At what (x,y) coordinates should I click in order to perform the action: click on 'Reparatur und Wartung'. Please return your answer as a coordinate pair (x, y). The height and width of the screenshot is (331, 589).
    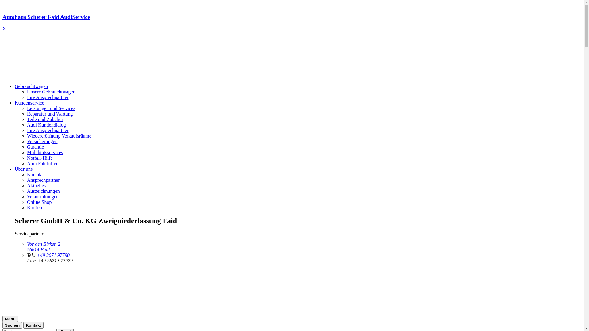
    Looking at the image, I should click on (50, 114).